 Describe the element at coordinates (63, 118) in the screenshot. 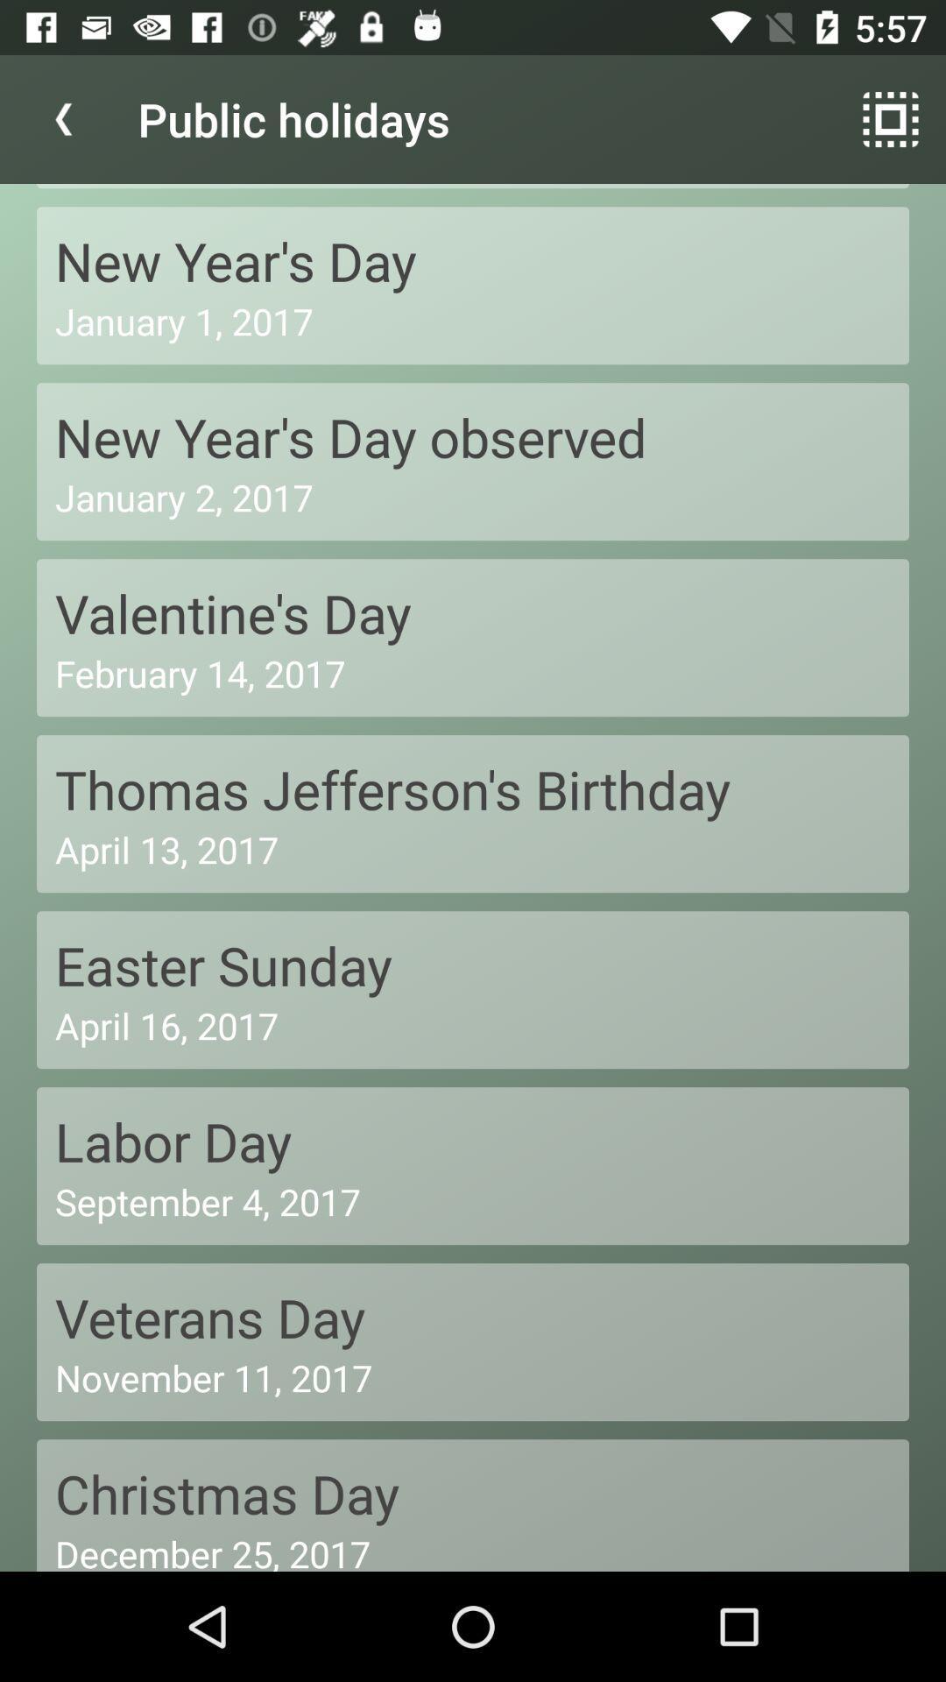

I see `item above the new year s item` at that location.